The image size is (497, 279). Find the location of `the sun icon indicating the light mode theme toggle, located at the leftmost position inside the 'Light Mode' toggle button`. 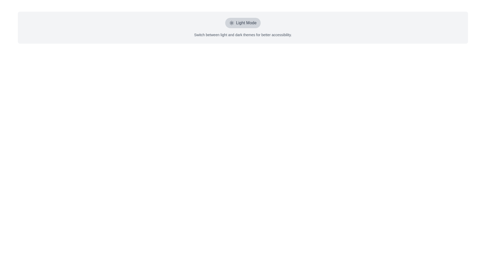

the sun icon indicating the light mode theme toggle, located at the leftmost position inside the 'Light Mode' toggle button is located at coordinates (231, 22).